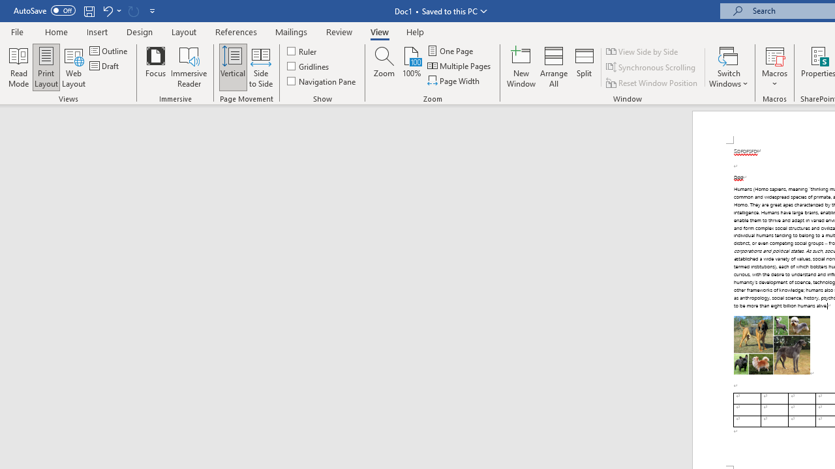 The image size is (835, 469). What do you see at coordinates (155, 67) in the screenshot?
I see `'Focus'` at bounding box center [155, 67].